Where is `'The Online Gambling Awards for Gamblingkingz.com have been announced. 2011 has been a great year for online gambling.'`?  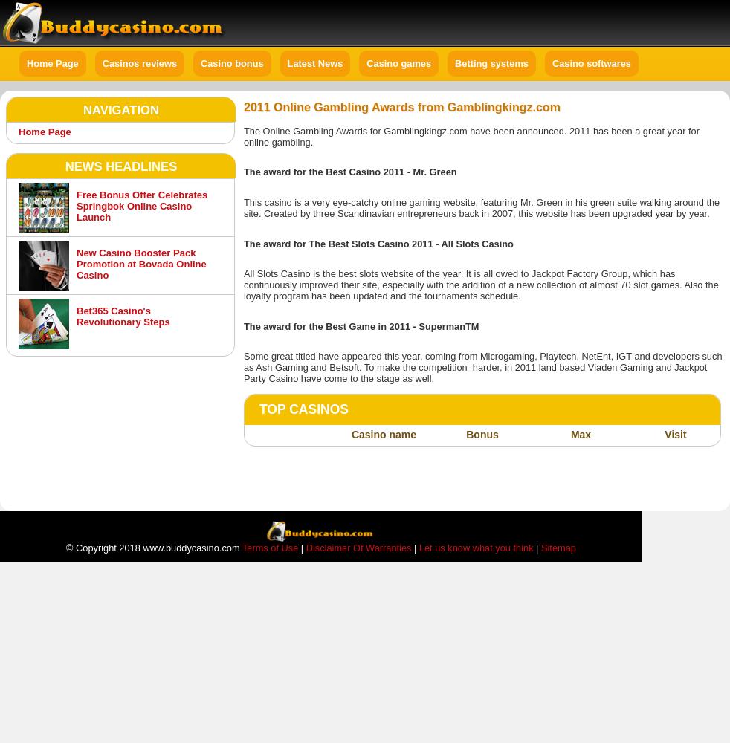
'The Online Gambling Awards for Gamblingkingz.com have been announced. 2011 has been a great year for online gambling.' is located at coordinates (470, 136).